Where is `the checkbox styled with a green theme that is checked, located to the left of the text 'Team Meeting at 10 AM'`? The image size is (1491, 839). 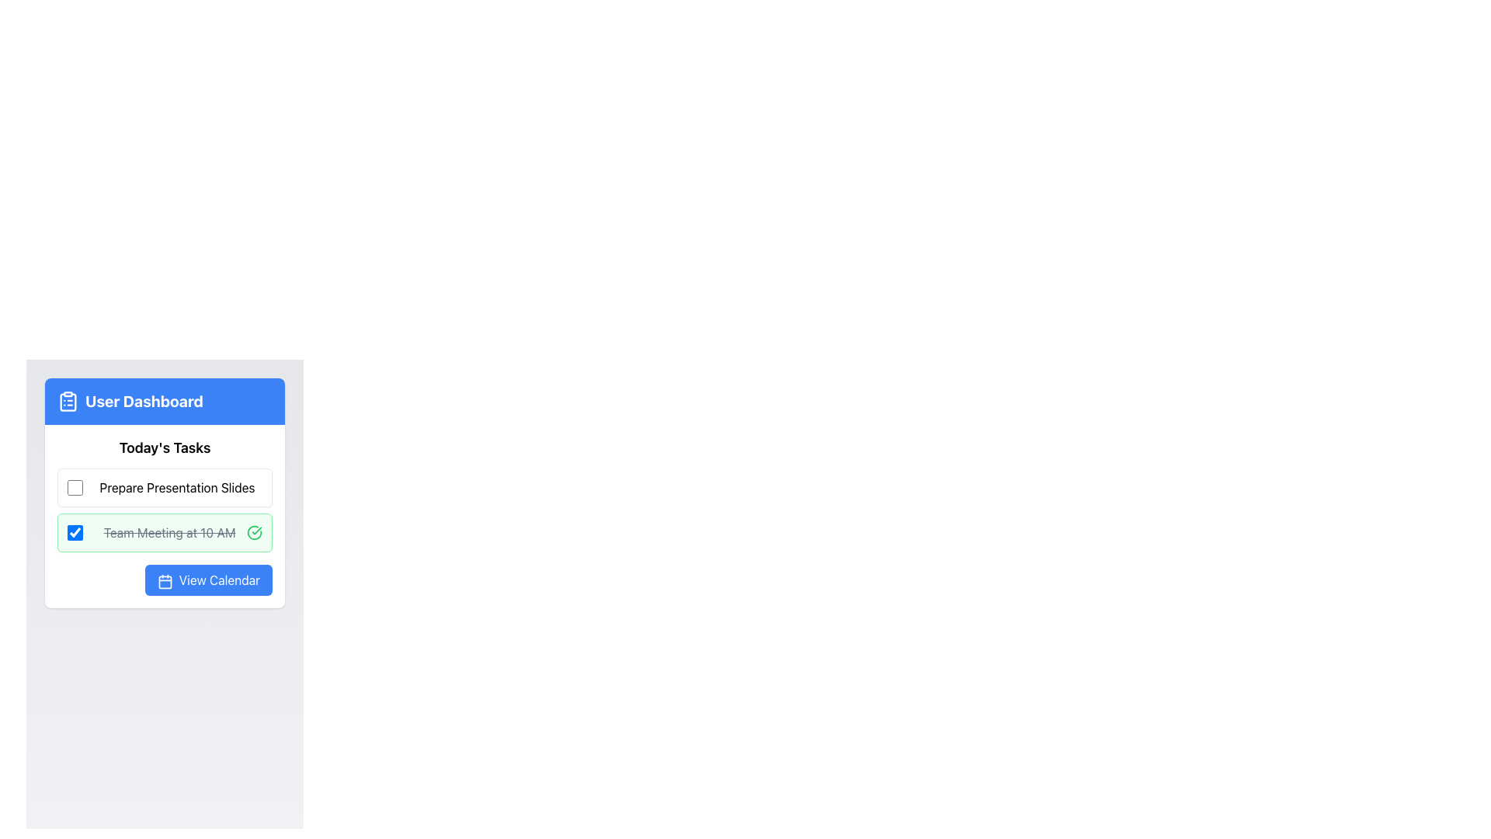
the checkbox styled with a green theme that is checked, located to the left of the text 'Team Meeting at 10 AM' is located at coordinates (74, 532).